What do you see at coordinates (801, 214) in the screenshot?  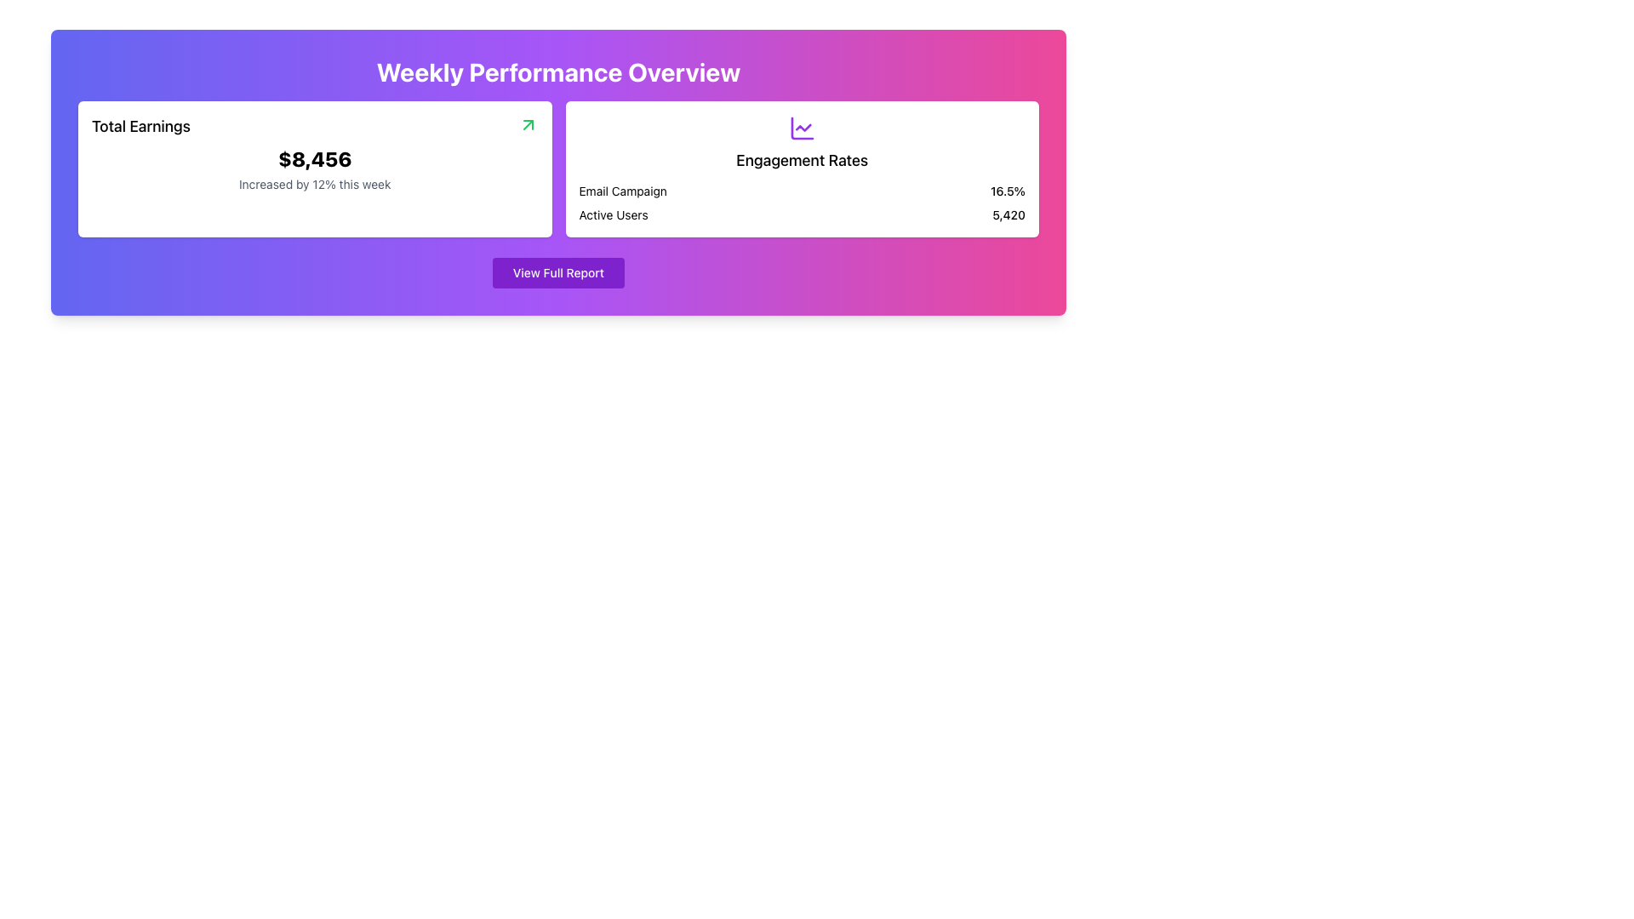 I see `the Informative data display showing 'Active Users' and the value '5,420', located in the 'Engagement Rates' section beneath 'Email Campaign'` at bounding box center [801, 214].